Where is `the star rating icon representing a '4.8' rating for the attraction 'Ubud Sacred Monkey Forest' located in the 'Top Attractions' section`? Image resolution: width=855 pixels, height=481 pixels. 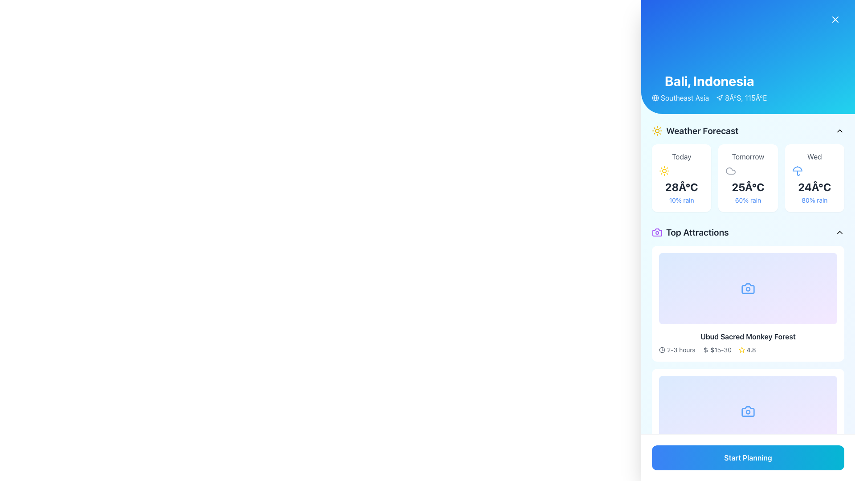 the star rating icon representing a '4.8' rating for the attraction 'Ubud Sacred Monkey Forest' located in the 'Top Attractions' section is located at coordinates (741, 472).